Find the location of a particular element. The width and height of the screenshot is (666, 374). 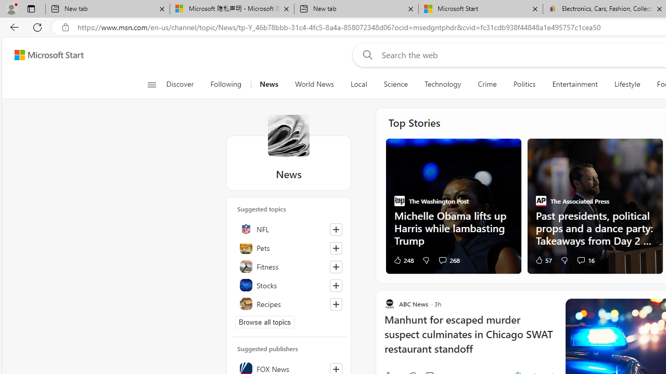

'57 Like' is located at coordinates (542, 259).